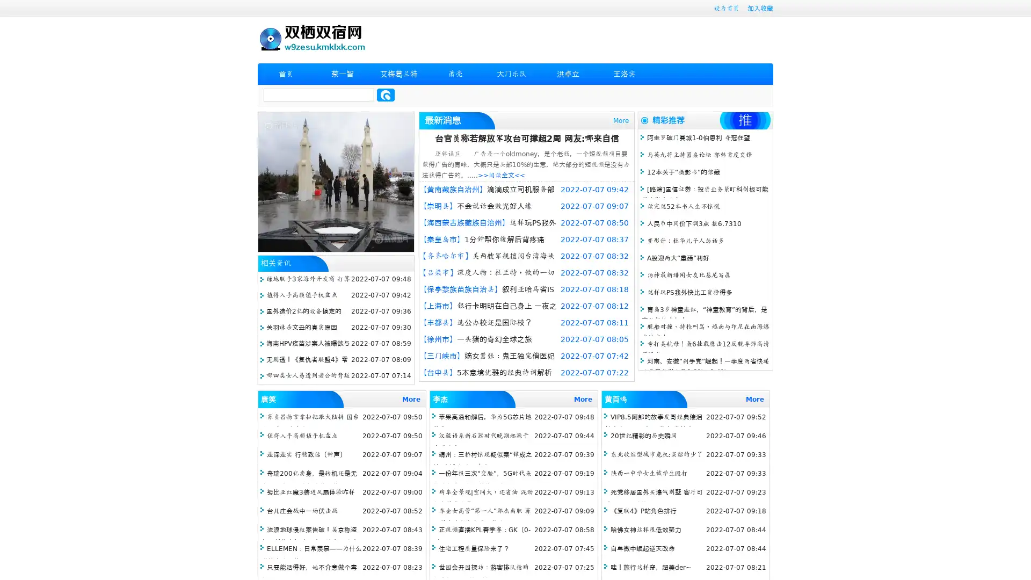 The image size is (1031, 580). What do you see at coordinates (386, 95) in the screenshot?
I see `Search` at bounding box center [386, 95].